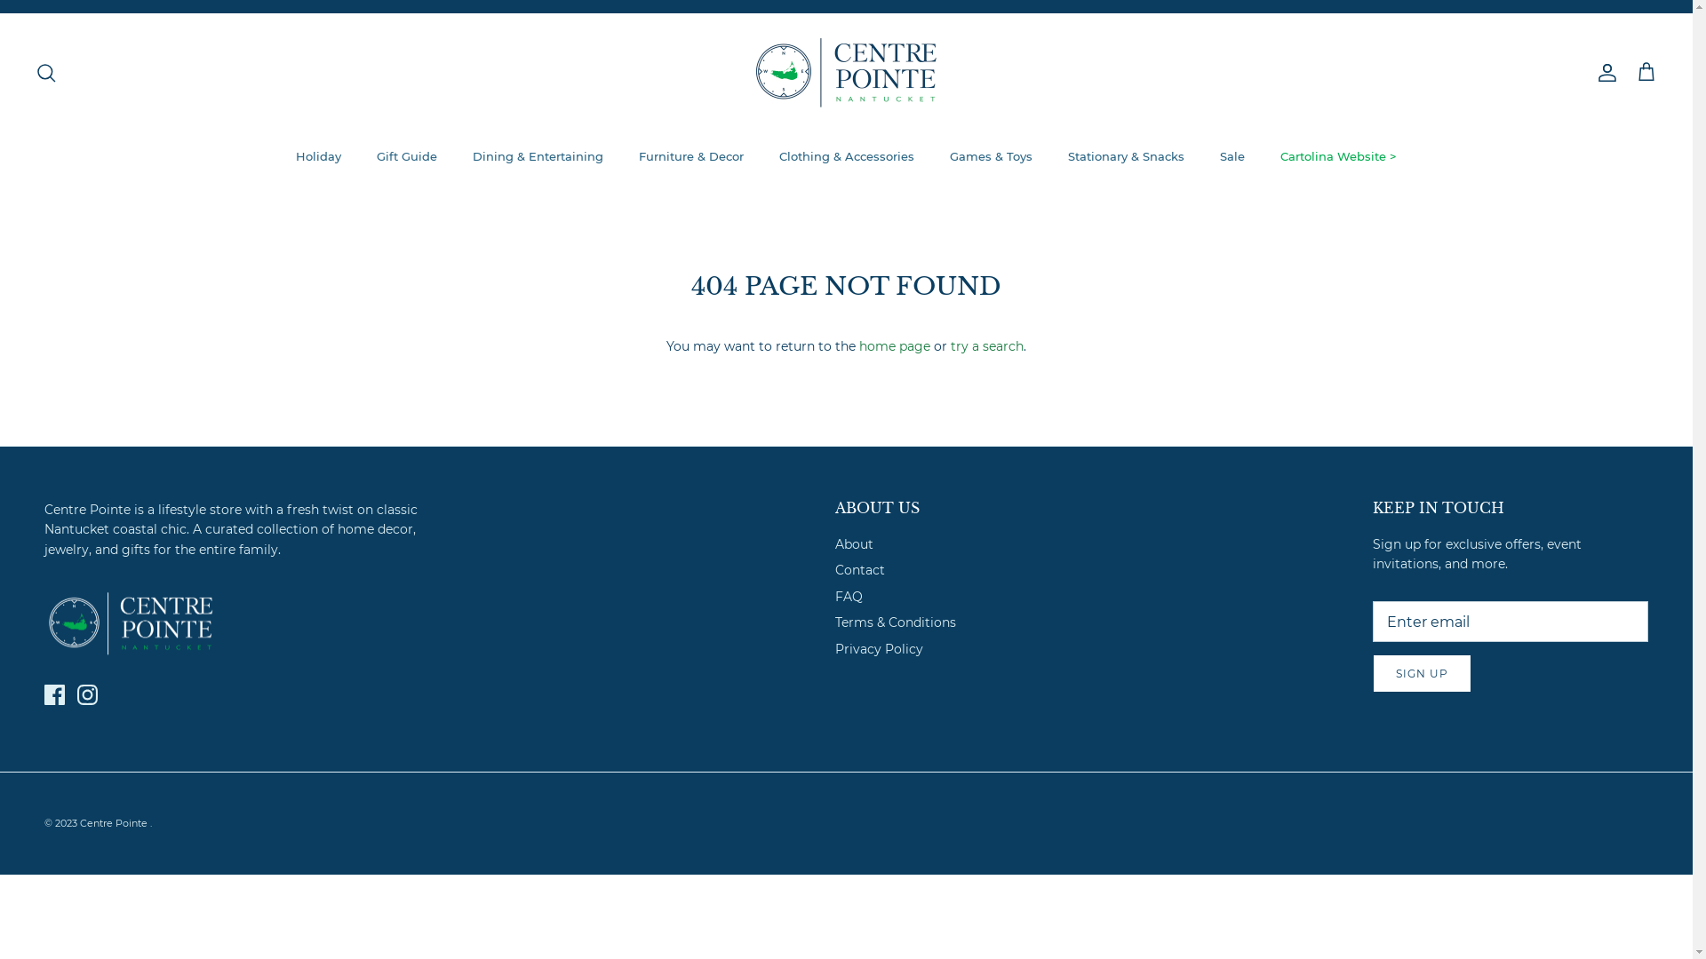 This screenshot has width=1706, height=959. Describe the element at coordinates (860, 569) in the screenshot. I see `'Contact'` at that location.